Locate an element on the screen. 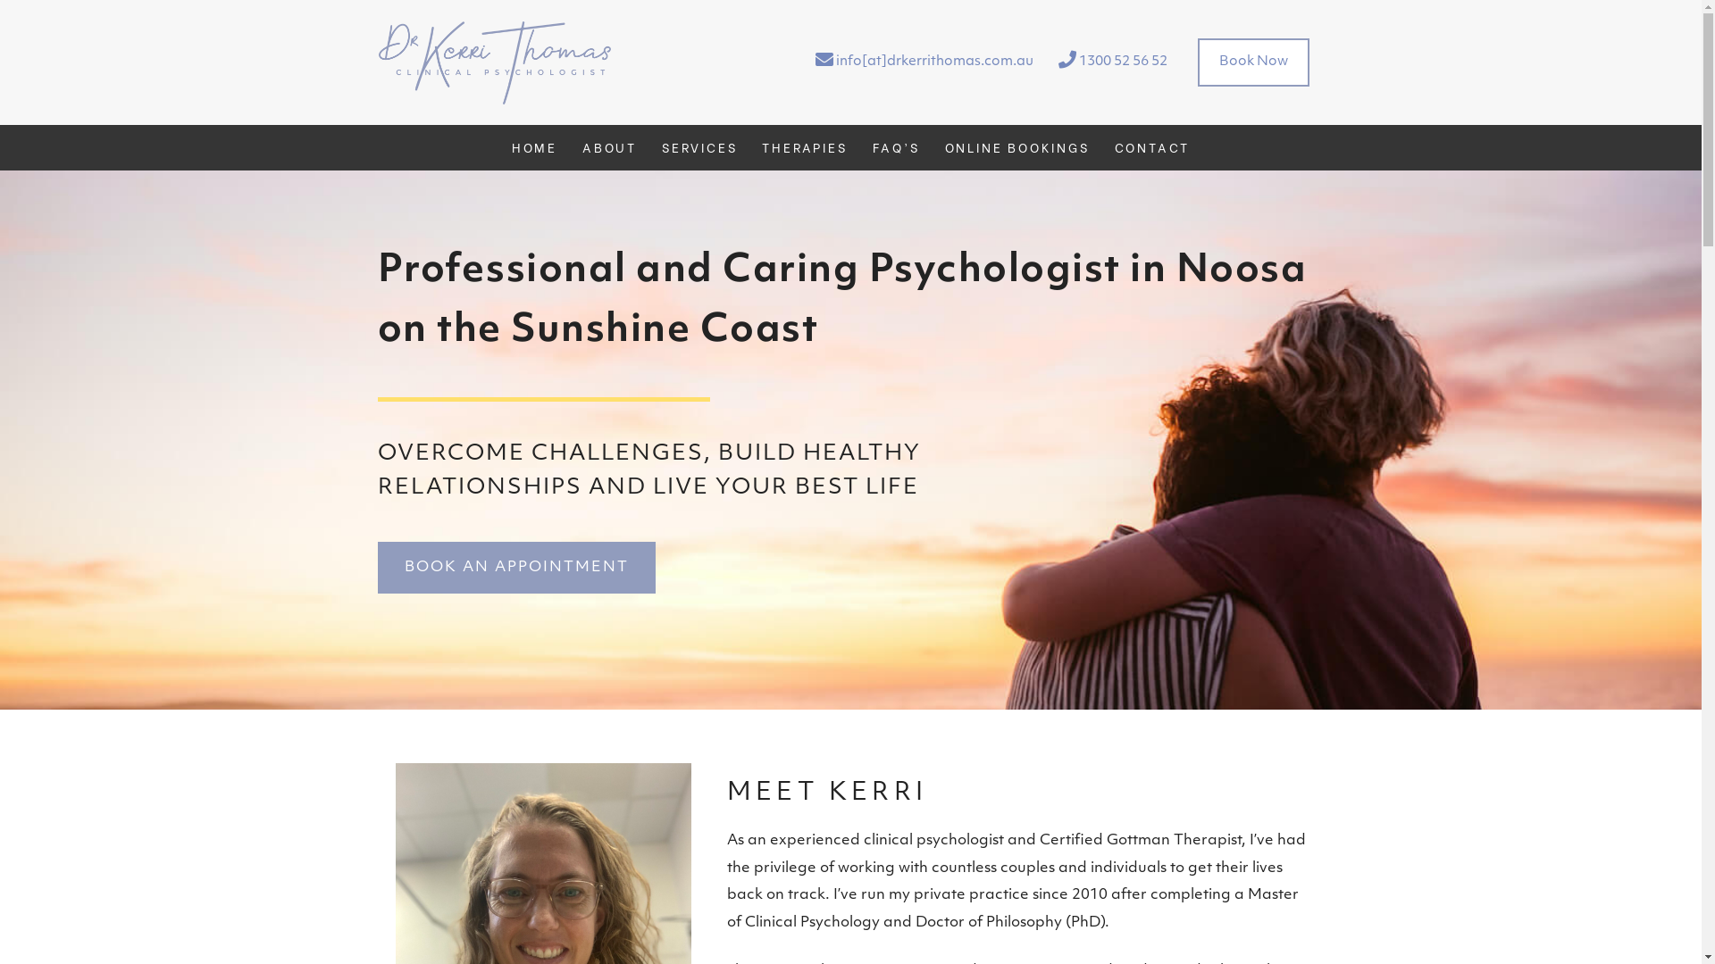 This screenshot has height=964, width=1715. 'ONLINE BOOKINGS' is located at coordinates (1016, 146).